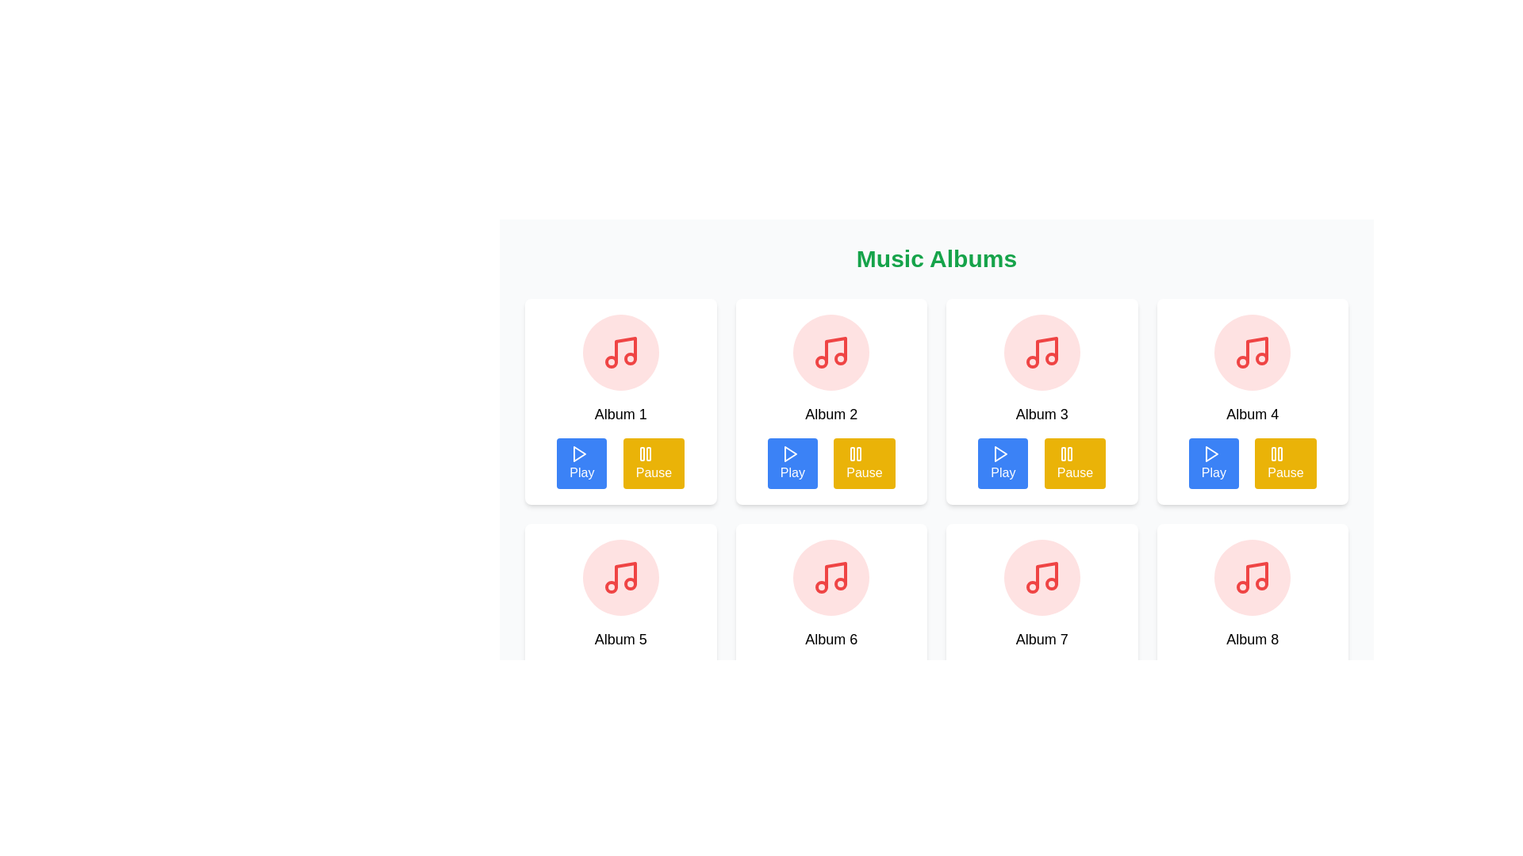 This screenshot has width=1523, height=856. What do you see at coordinates (581, 464) in the screenshot?
I see `the playback button located in the first row, first column of the grid under 'Album 1'` at bounding box center [581, 464].